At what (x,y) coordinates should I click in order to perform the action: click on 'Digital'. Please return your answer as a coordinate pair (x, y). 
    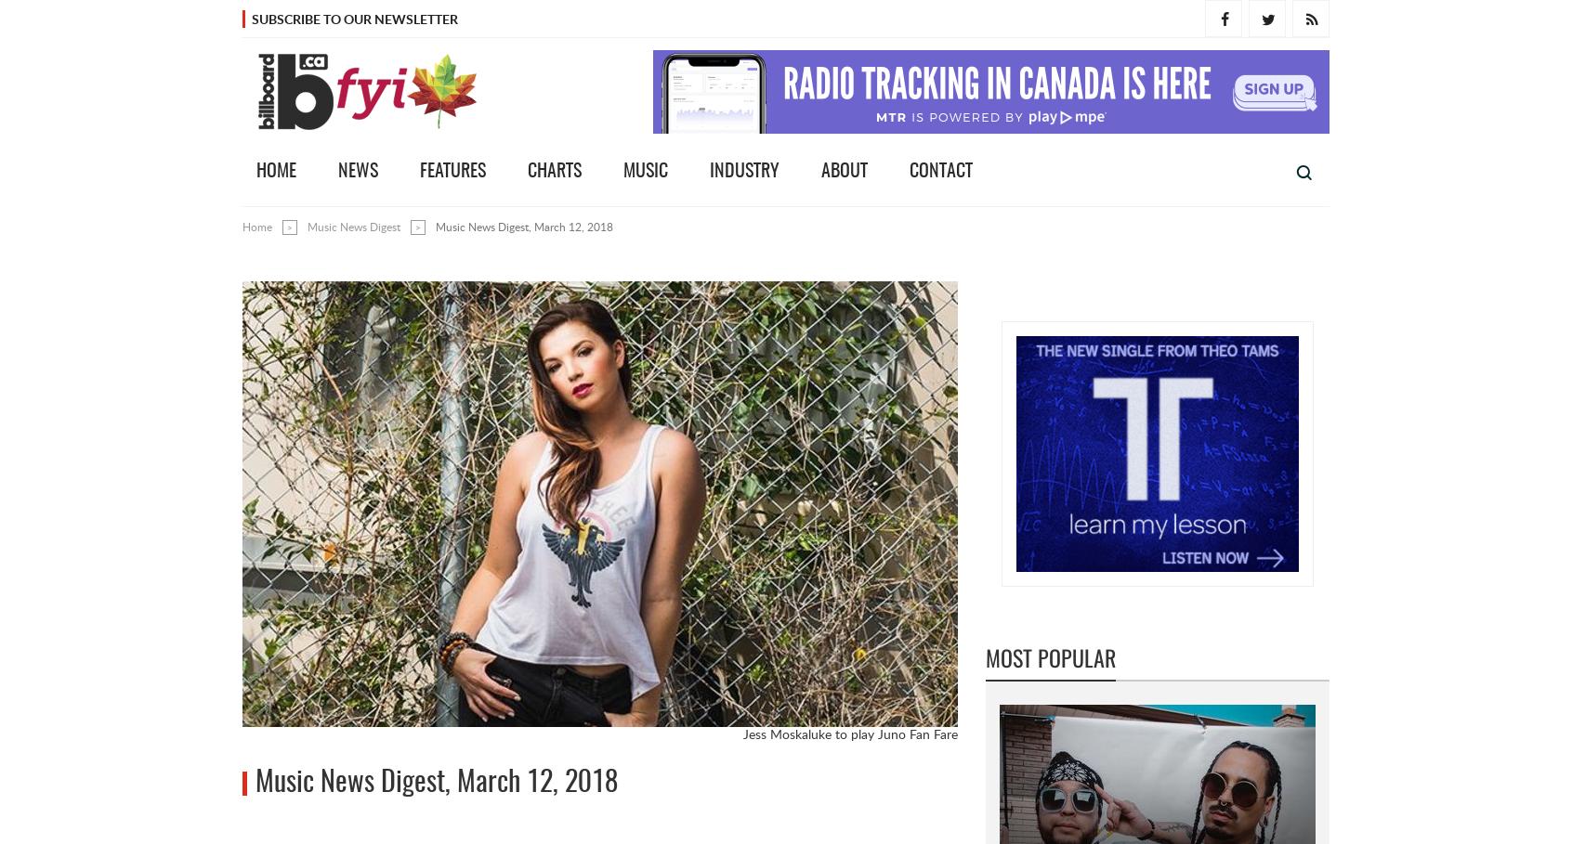
    Looking at the image, I should click on (1180, 490).